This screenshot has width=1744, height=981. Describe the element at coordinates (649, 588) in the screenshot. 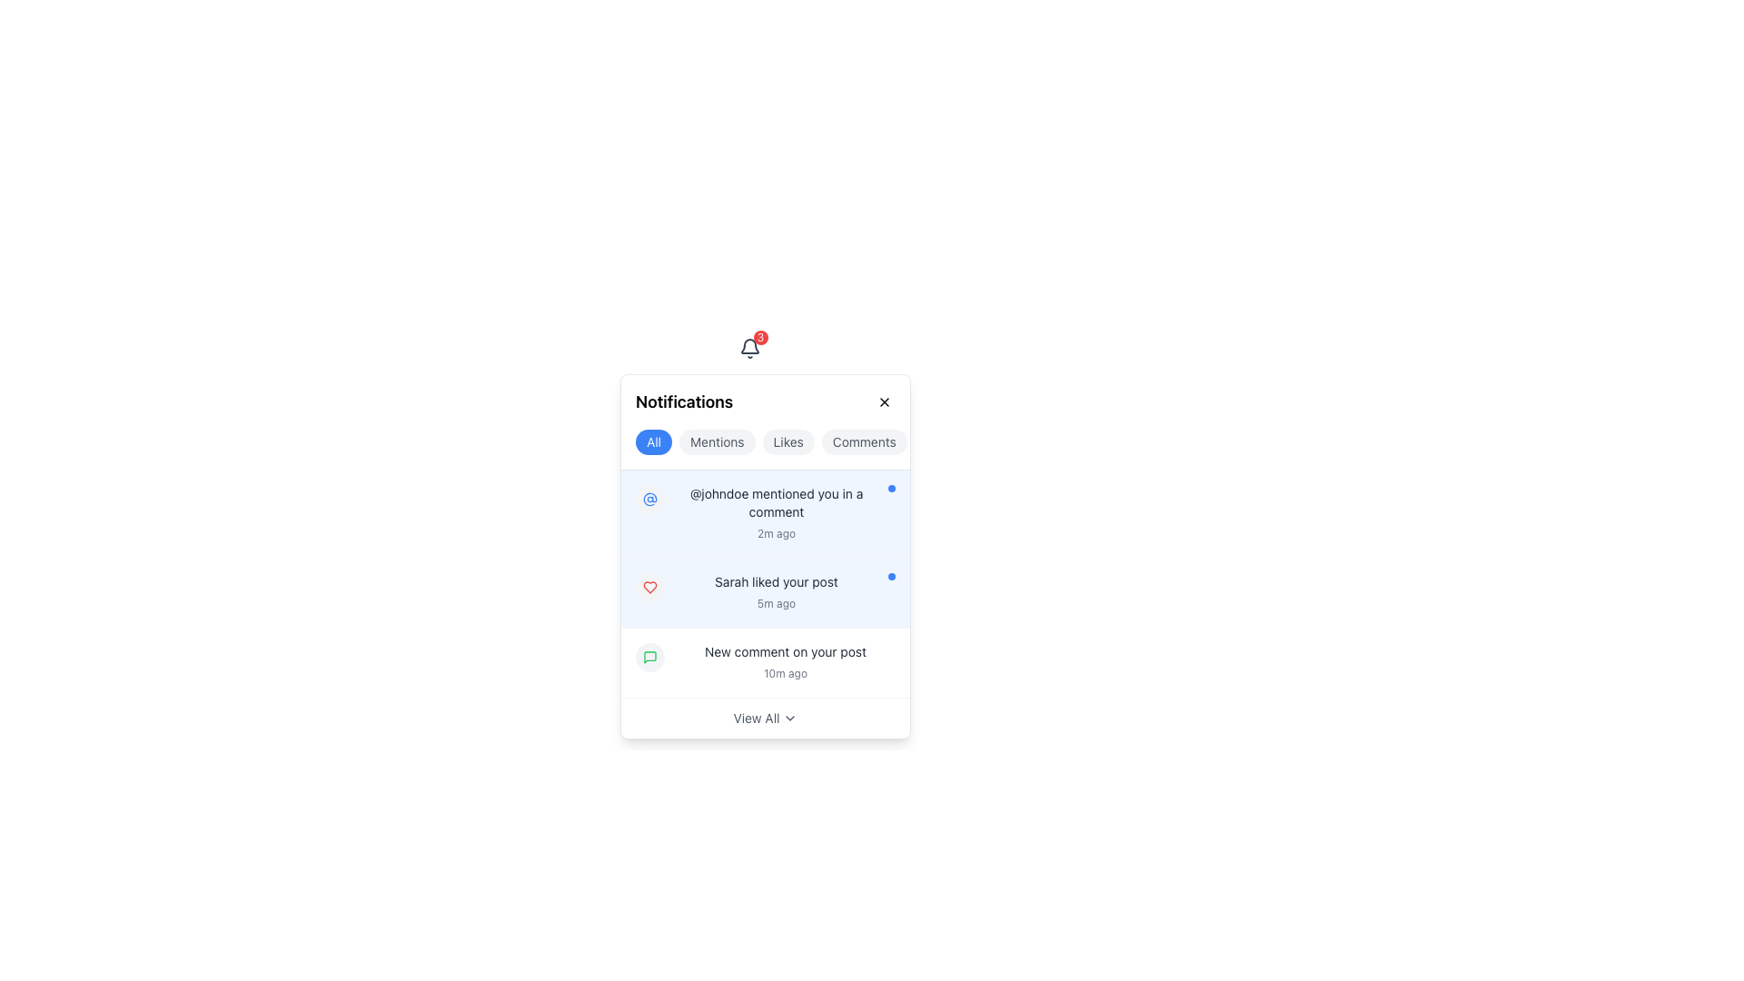

I see `the visual representation of the red heart icon indicating a 'like' action, located in the notification menu pop-up for the entry 'Sarah liked your post'` at that location.